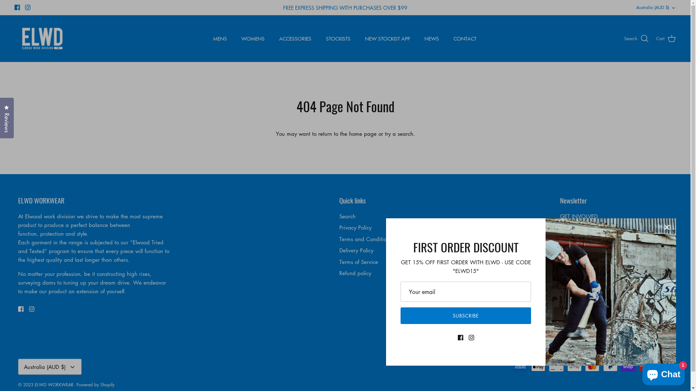 This screenshot has height=391, width=696. What do you see at coordinates (54, 384) in the screenshot?
I see `'ELWD WORKWEAR'` at bounding box center [54, 384].